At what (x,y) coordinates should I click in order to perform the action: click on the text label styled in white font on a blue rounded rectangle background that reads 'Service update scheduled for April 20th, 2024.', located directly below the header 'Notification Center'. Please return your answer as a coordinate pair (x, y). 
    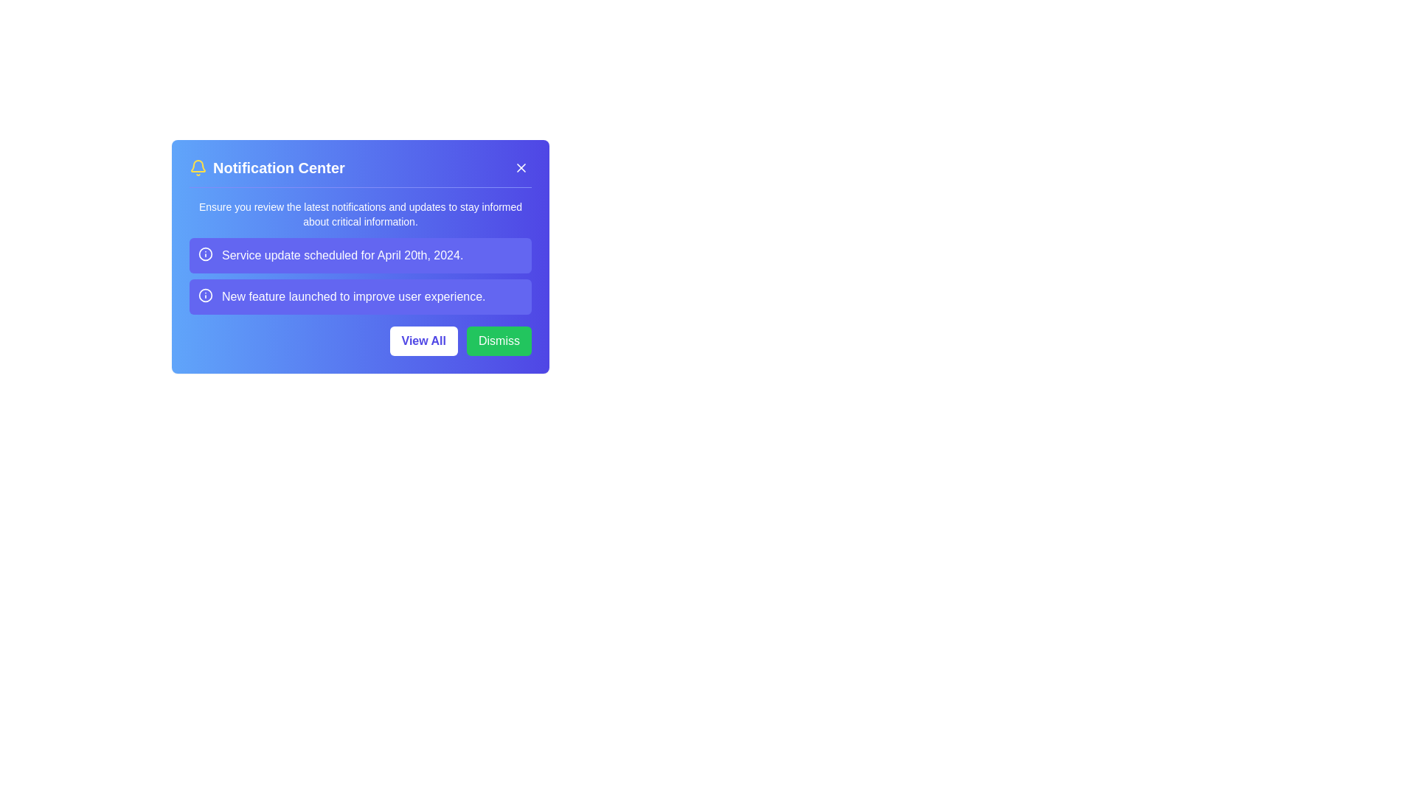
    Looking at the image, I should click on (341, 255).